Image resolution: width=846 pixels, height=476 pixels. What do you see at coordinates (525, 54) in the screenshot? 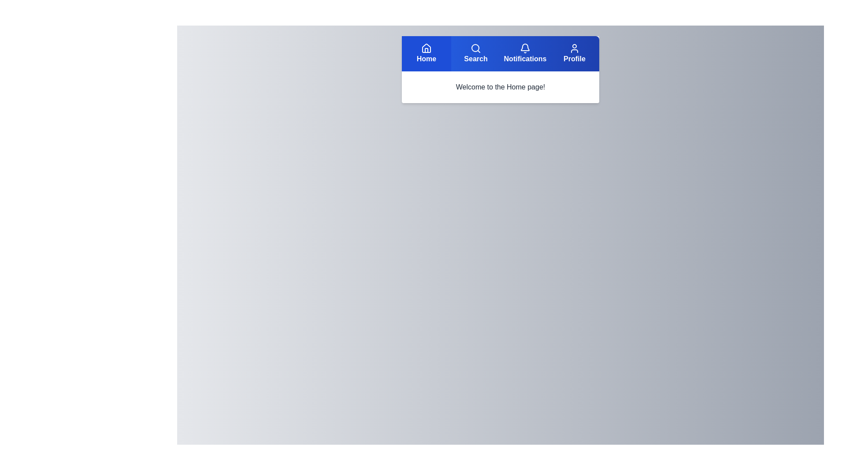
I see `the Notifications button in the navigation bar` at bounding box center [525, 54].